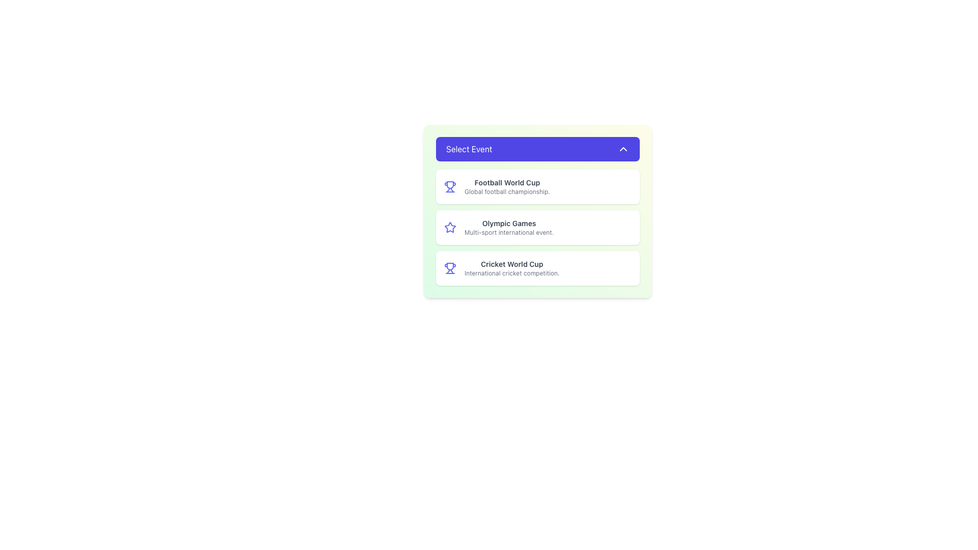  What do you see at coordinates (537, 268) in the screenshot?
I see `the selectable tile representing the 'Cricket World Cup' event` at bounding box center [537, 268].